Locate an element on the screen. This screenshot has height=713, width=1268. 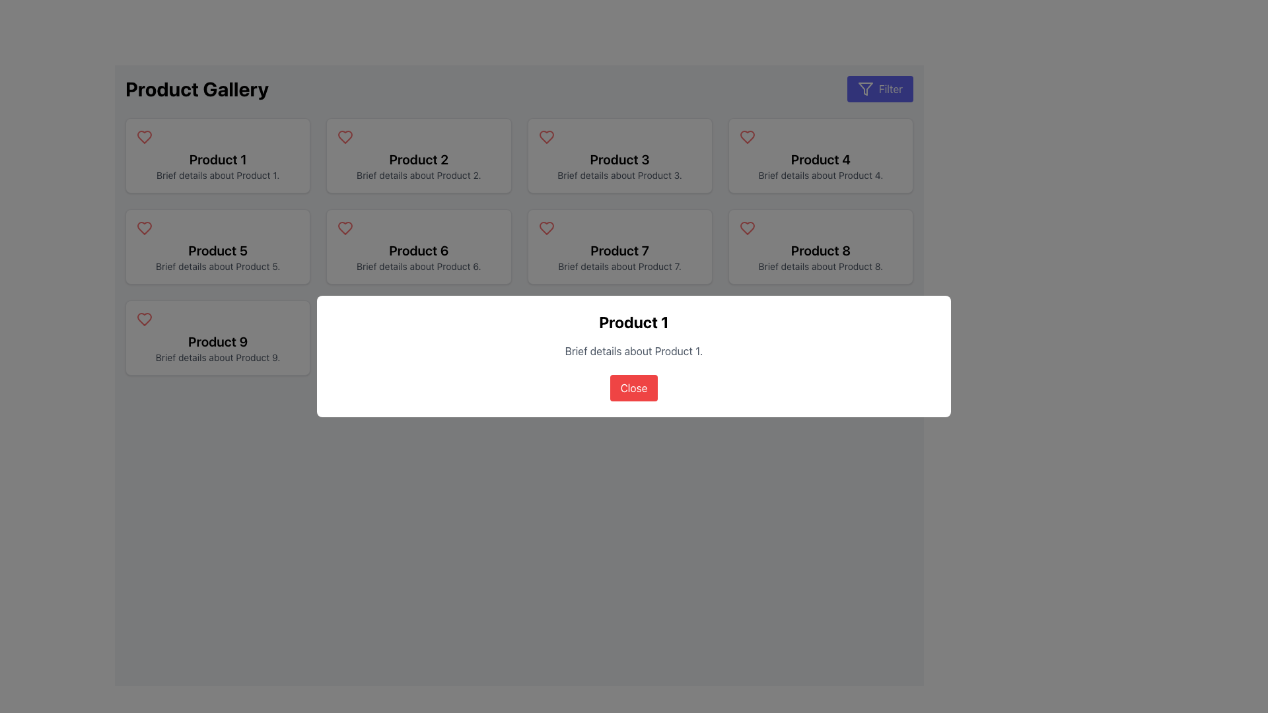
the heart-shaped icon with an outlined design in red color located at the upper-left corner of the 'Product 6' card is located at coordinates (345, 228).